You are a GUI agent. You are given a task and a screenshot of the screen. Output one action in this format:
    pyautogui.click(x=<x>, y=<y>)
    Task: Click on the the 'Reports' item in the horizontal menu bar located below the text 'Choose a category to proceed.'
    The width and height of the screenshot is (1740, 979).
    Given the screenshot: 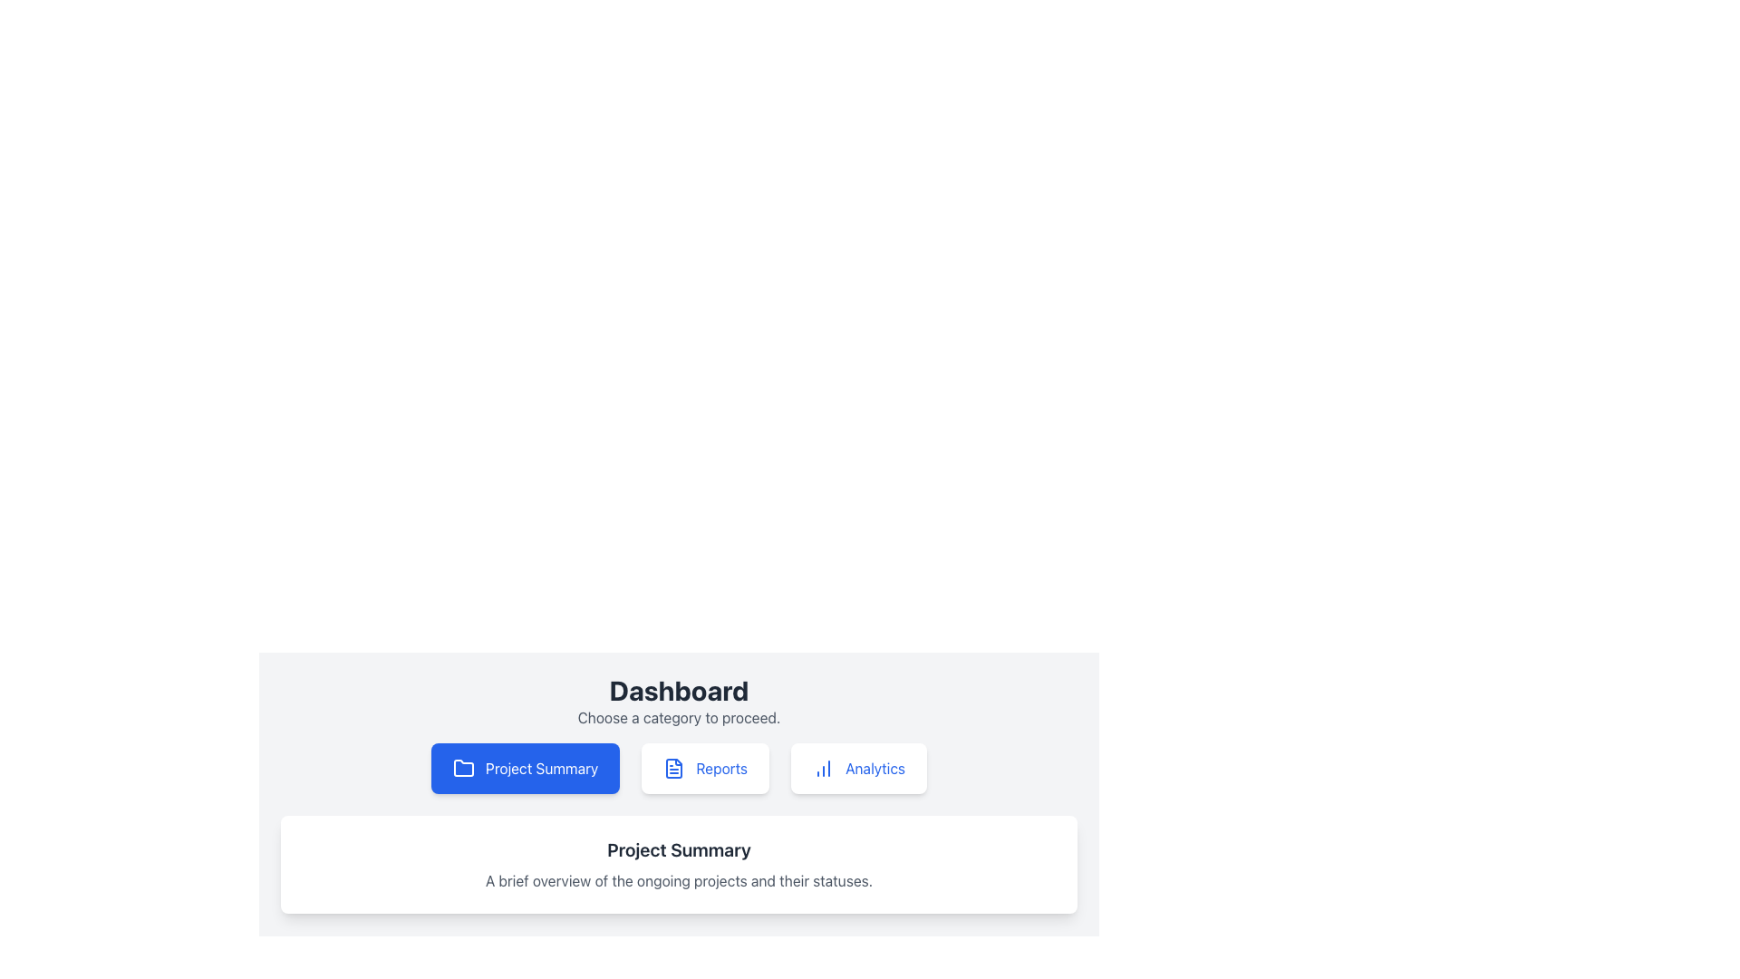 What is the action you would take?
    pyautogui.click(x=678, y=769)
    